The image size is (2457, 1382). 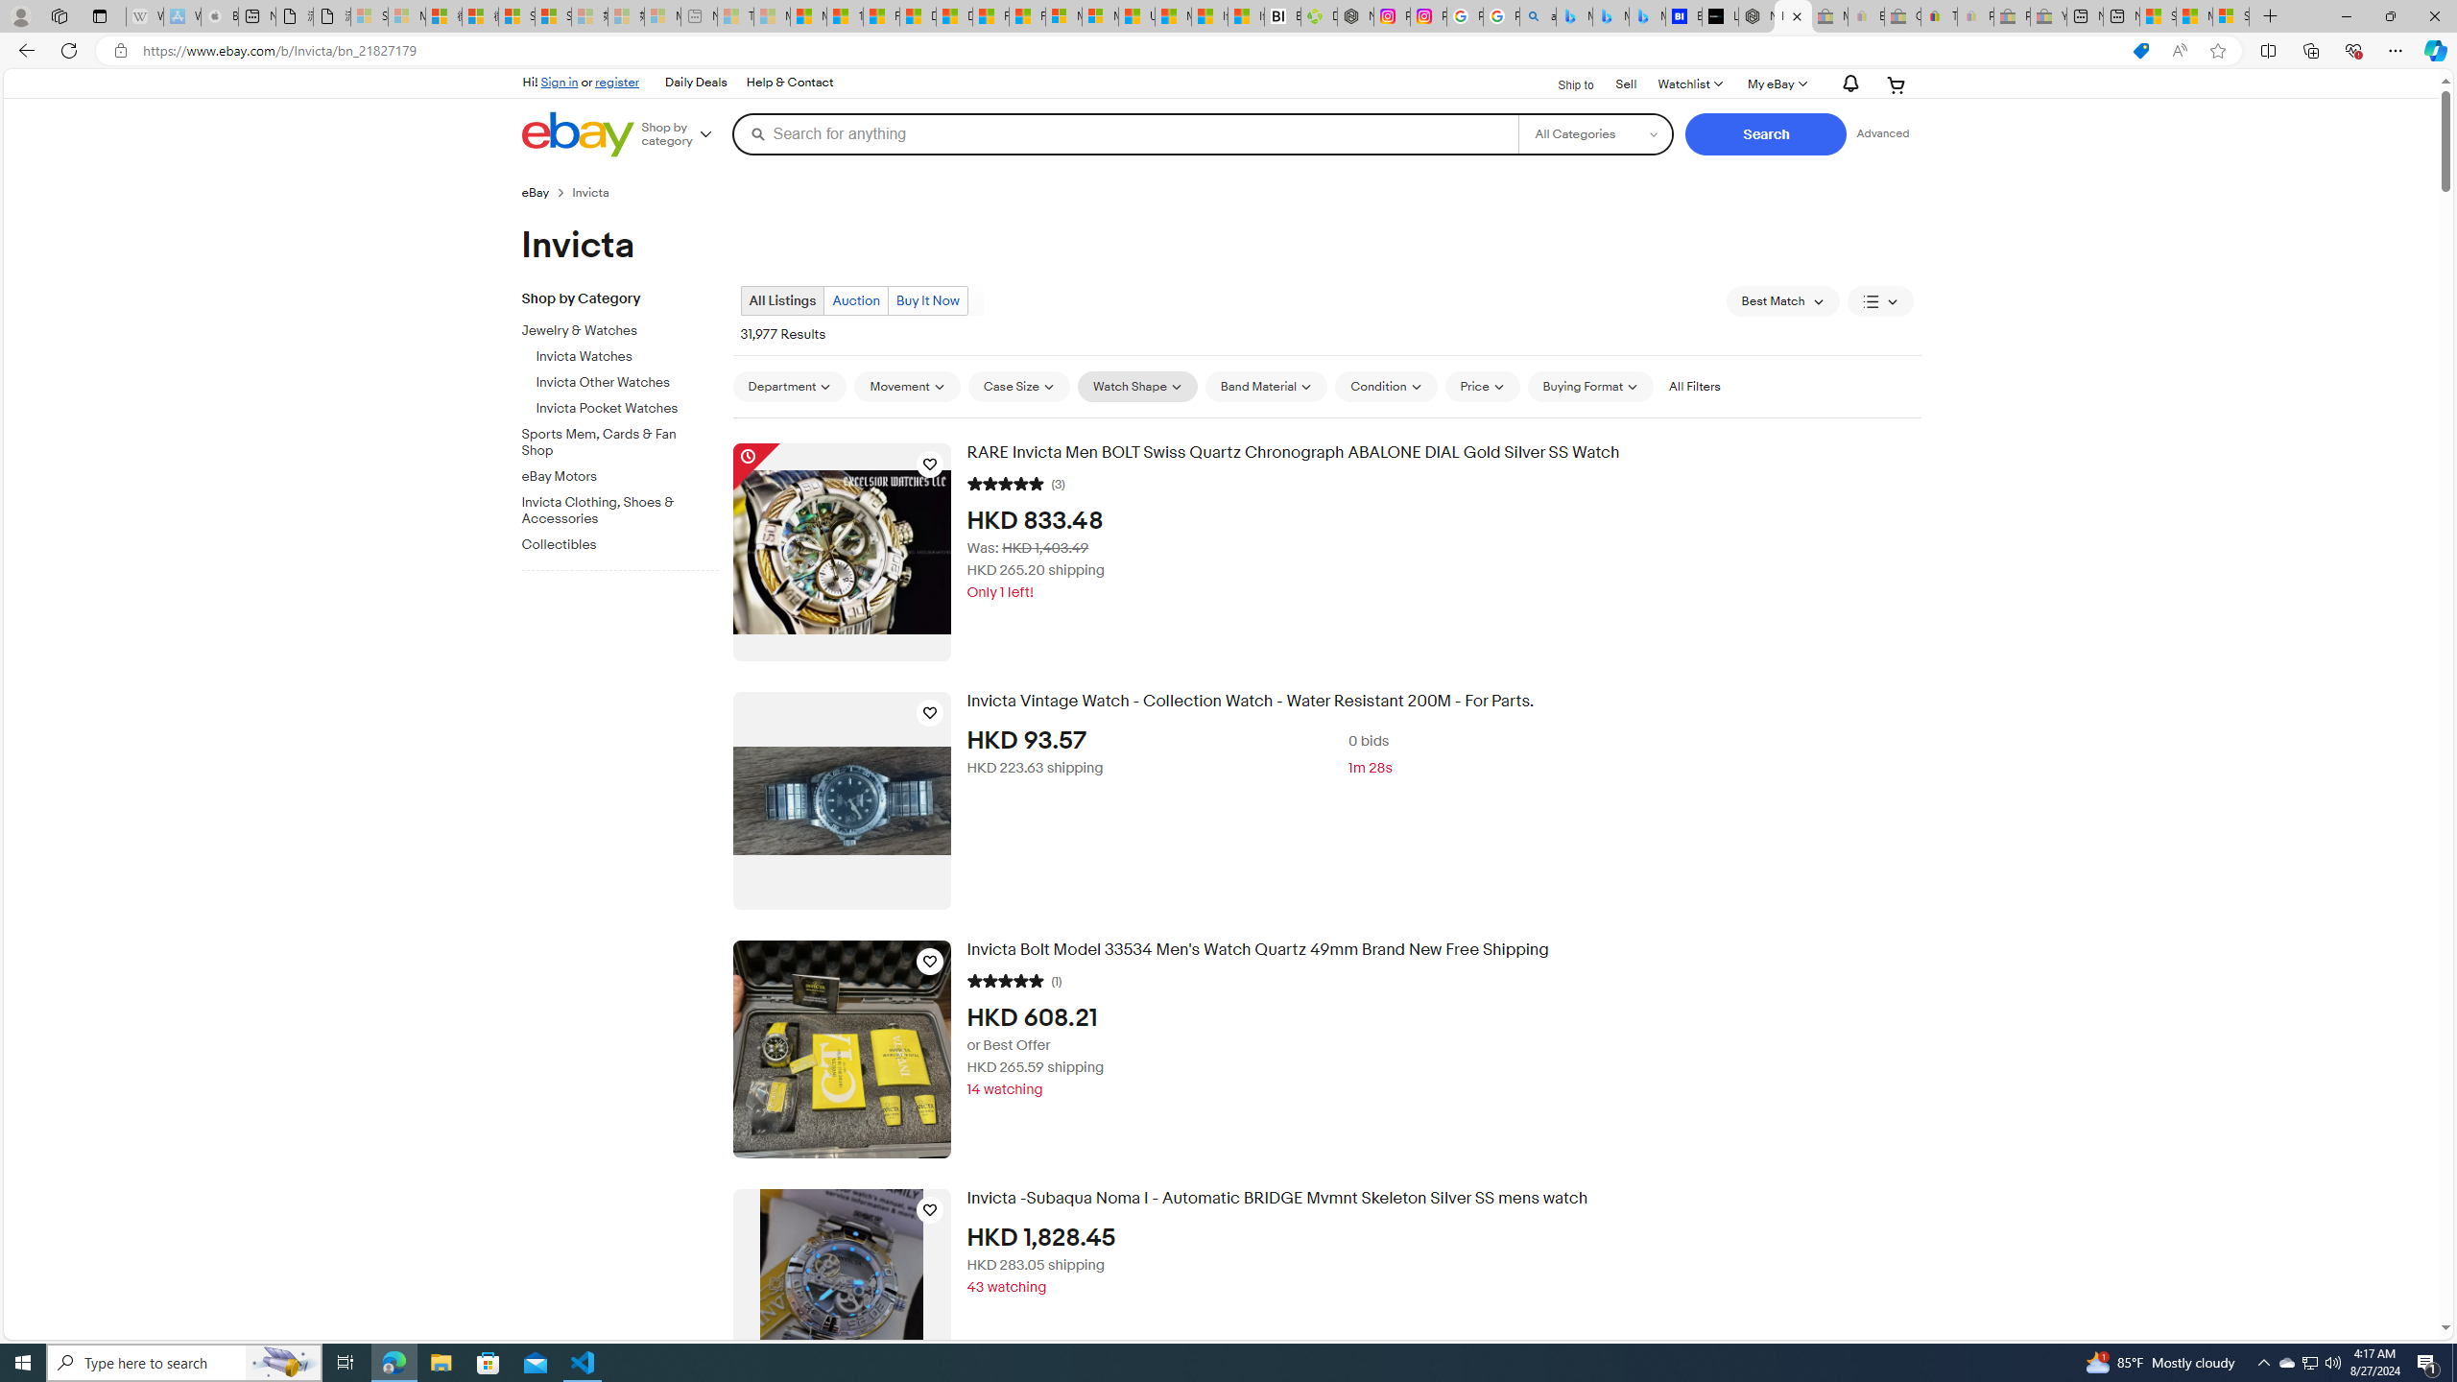 I want to click on 'Payments Terms of Use | eBay.com - Sleeping', so click(x=1975, y=15).